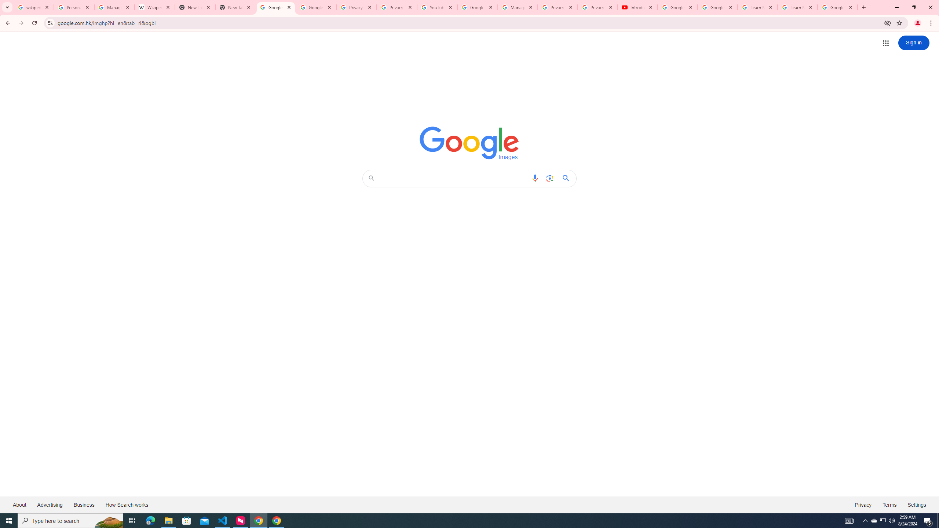 The height and width of the screenshot is (528, 939). What do you see at coordinates (127, 504) in the screenshot?
I see `'How Search works'` at bounding box center [127, 504].